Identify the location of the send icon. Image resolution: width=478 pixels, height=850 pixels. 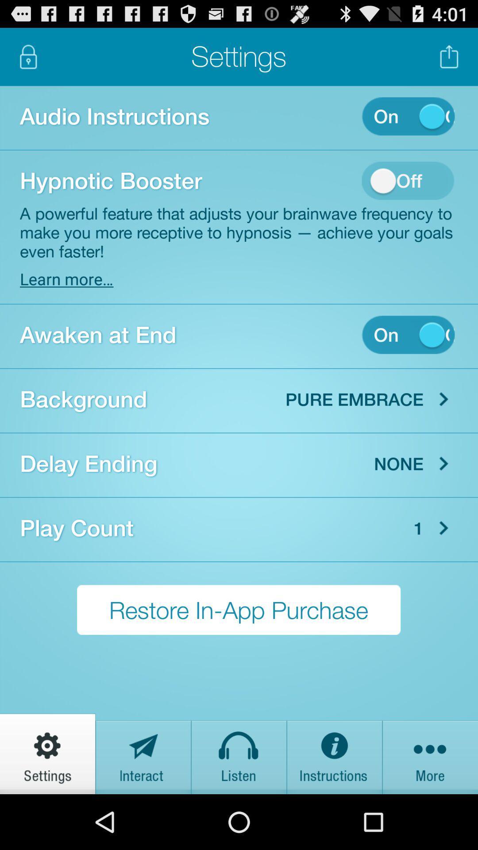
(143, 806).